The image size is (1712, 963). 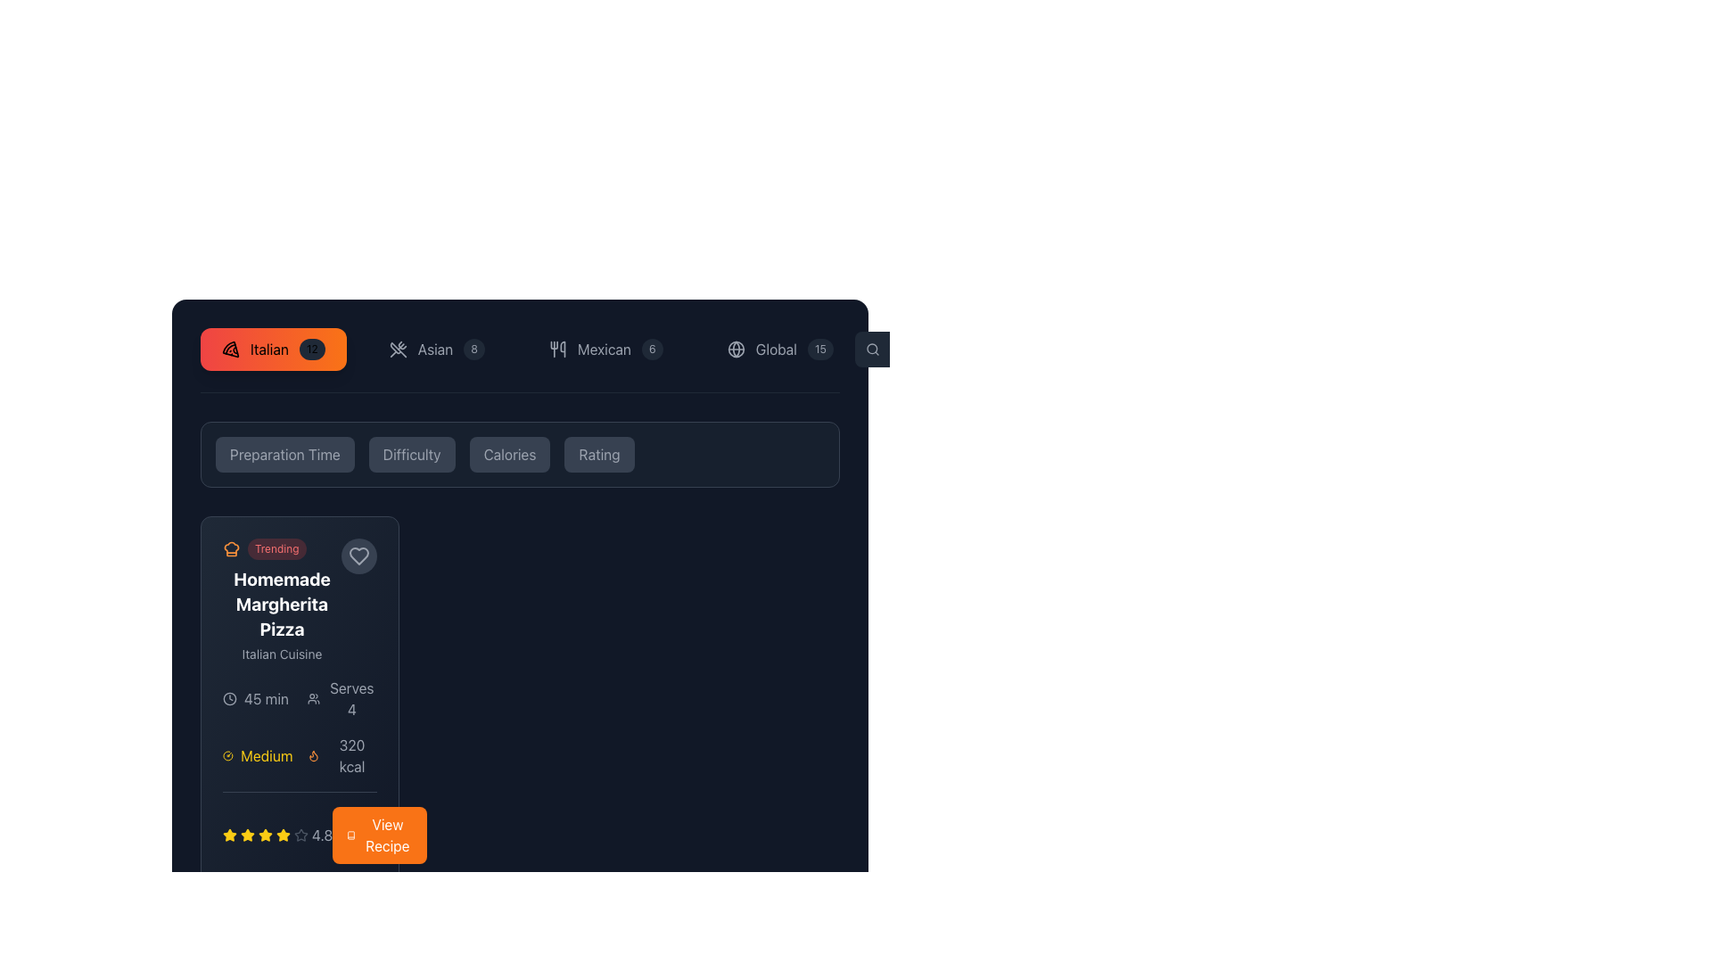 What do you see at coordinates (350, 835) in the screenshot?
I see `the small book-shaped icon located to the left of the 'View Recipe' button with an orange background and rounded corners` at bounding box center [350, 835].